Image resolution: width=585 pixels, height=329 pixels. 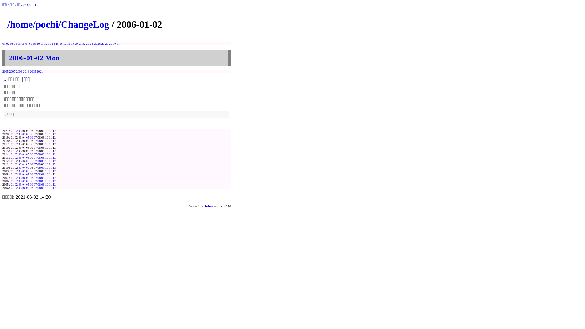 I want to click on '09', so click(x=41, y=154).